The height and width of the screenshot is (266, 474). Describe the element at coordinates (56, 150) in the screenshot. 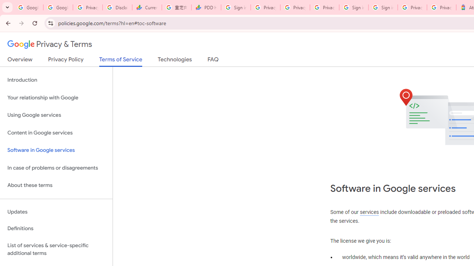

I see `'Software in Google services'` at that location.